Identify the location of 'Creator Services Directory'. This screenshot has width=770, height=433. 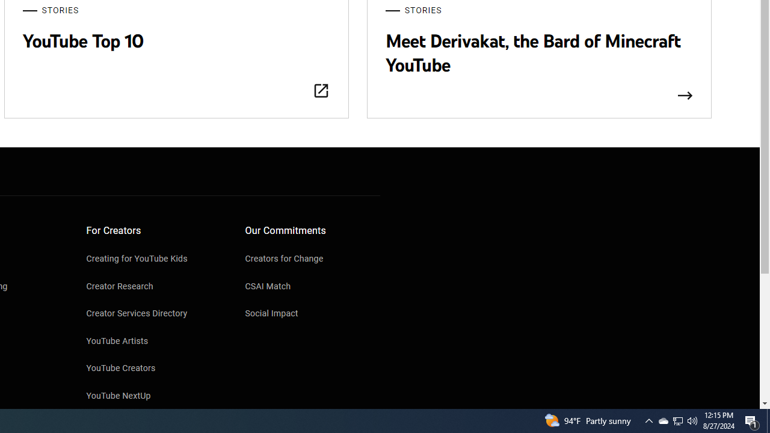
(153, 314).